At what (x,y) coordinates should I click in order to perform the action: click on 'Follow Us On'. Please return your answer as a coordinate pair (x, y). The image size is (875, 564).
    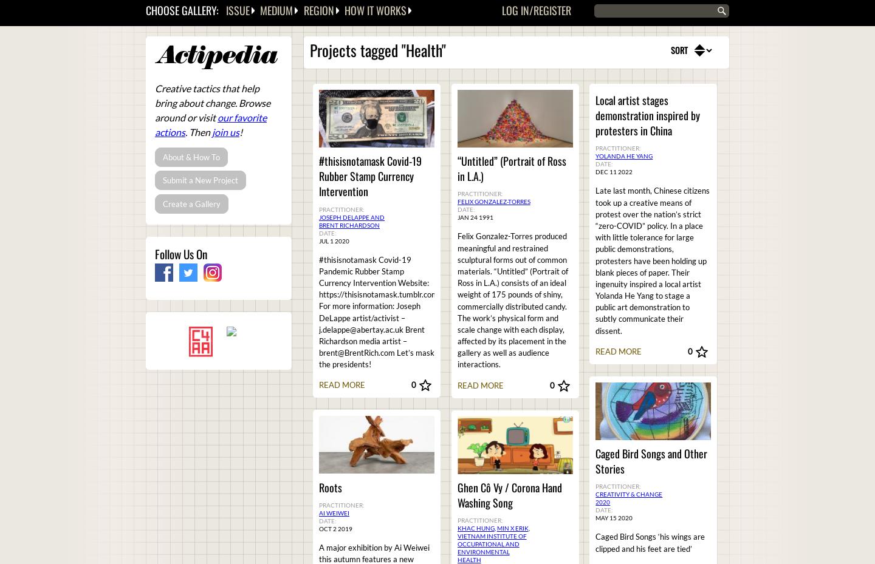
    Looking at the image, I should click on (180, 253).